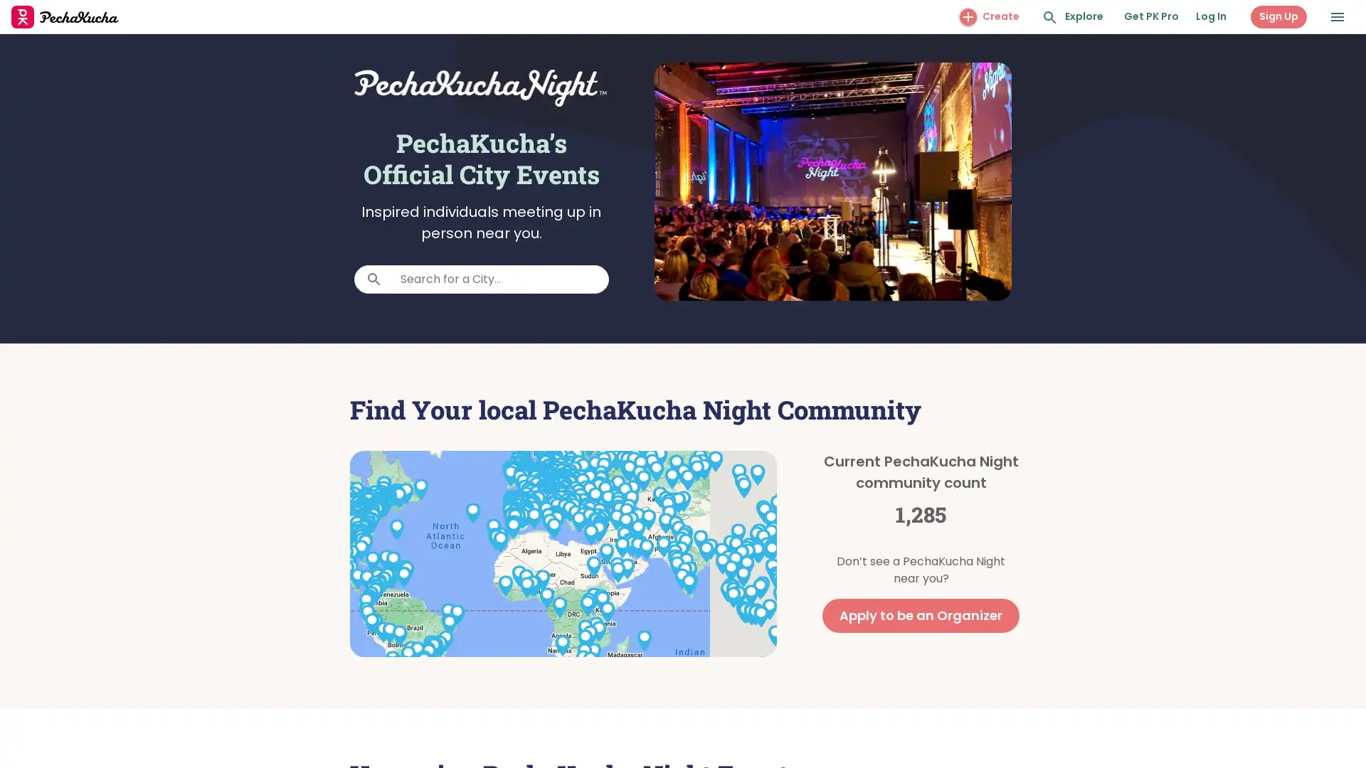 Image resolution: width=1366 pixels, height=768 pixels. Describe the element at coordinates (921, 615) in the screenshot. I see `Apply to be an Organizer` at that location.